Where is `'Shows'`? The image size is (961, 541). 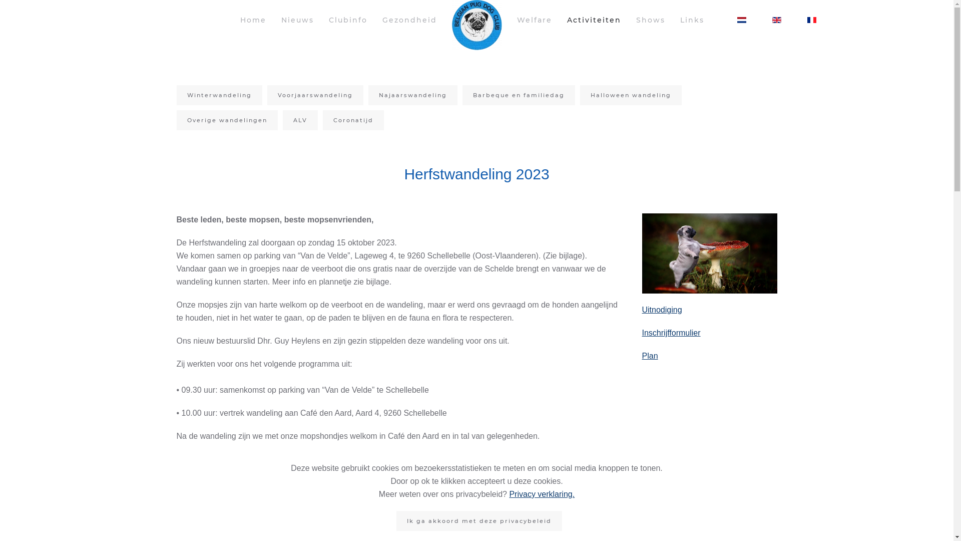
'Shows' is located at coordinates (650, 20).